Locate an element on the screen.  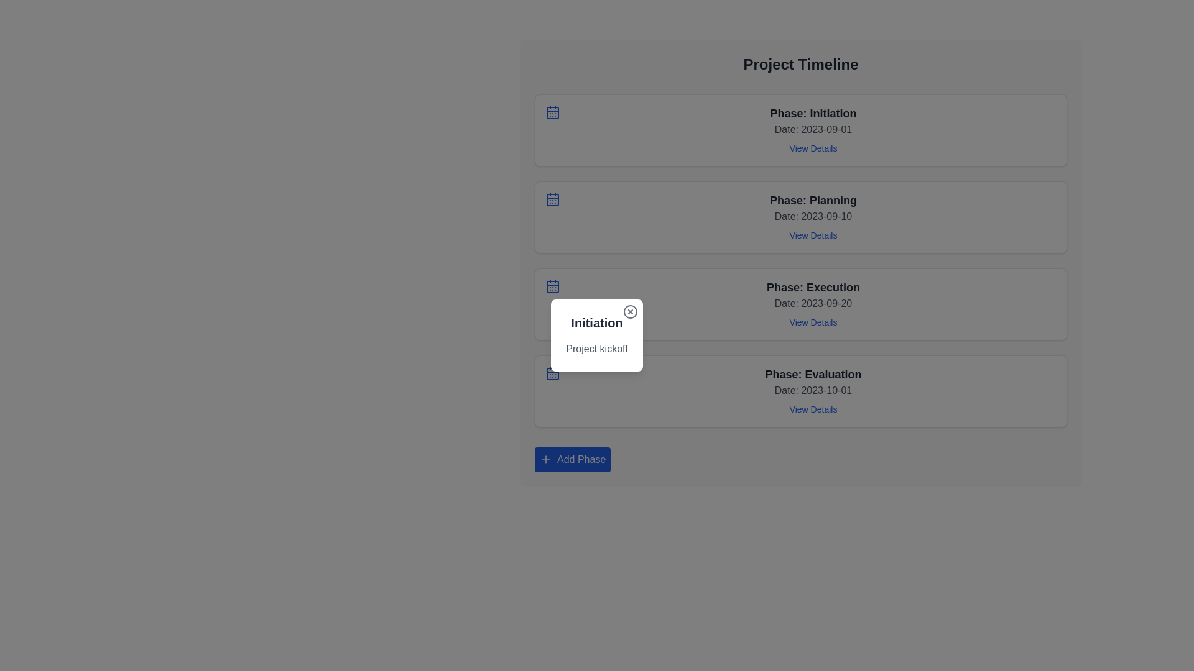
the interactive text link for the 'Evaluation' phase is located at coordinates (813, 409).